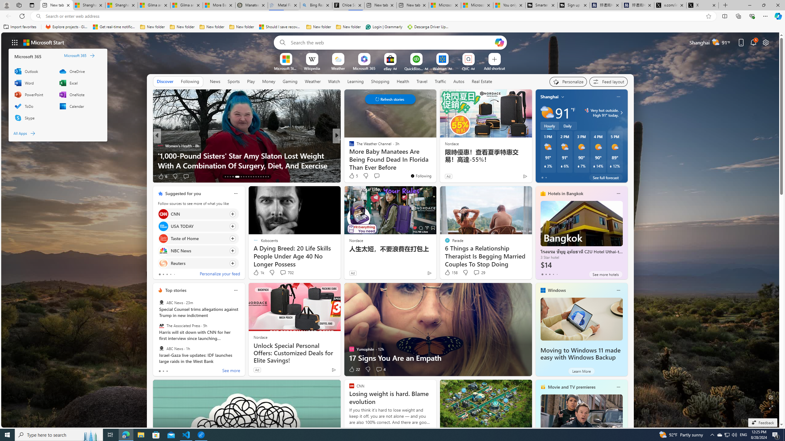 The image size is (785, 441). Describe the element at coordinates (379, 176) in the screenshot. I see `'View comments 7 Comment'` at that location.